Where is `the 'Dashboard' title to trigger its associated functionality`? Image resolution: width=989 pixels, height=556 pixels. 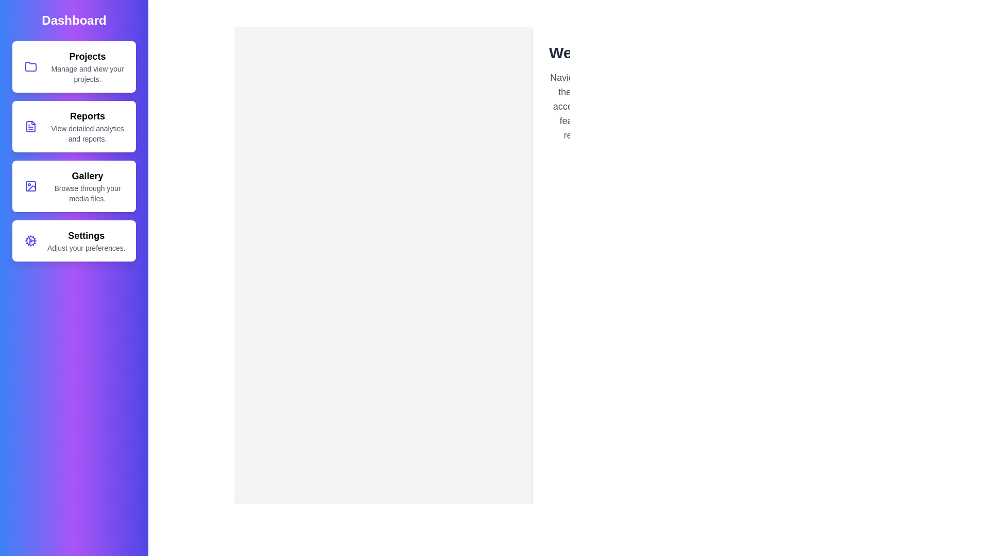
the 'Dashboard' title to trigger its associated functionality is located at coordinates (74, 20).